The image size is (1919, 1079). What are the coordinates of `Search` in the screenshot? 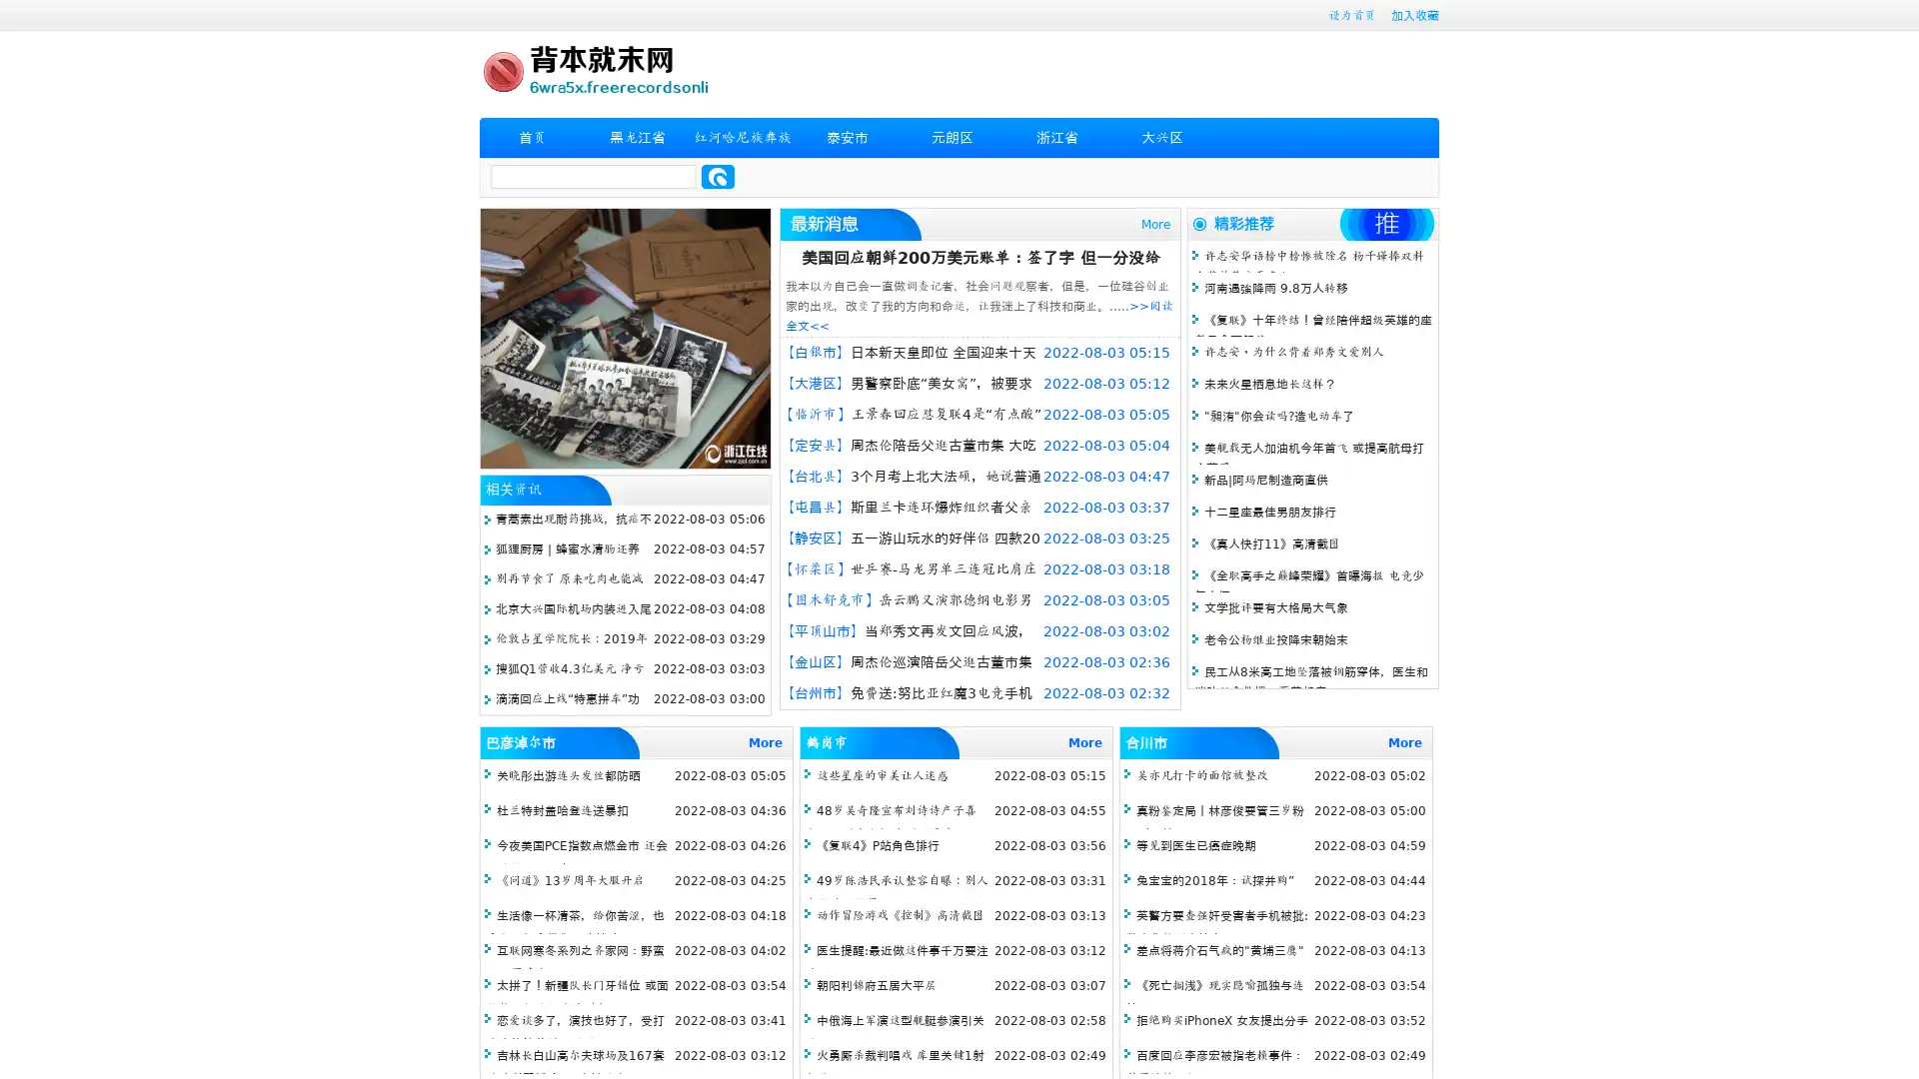 It's located at (718, 176).